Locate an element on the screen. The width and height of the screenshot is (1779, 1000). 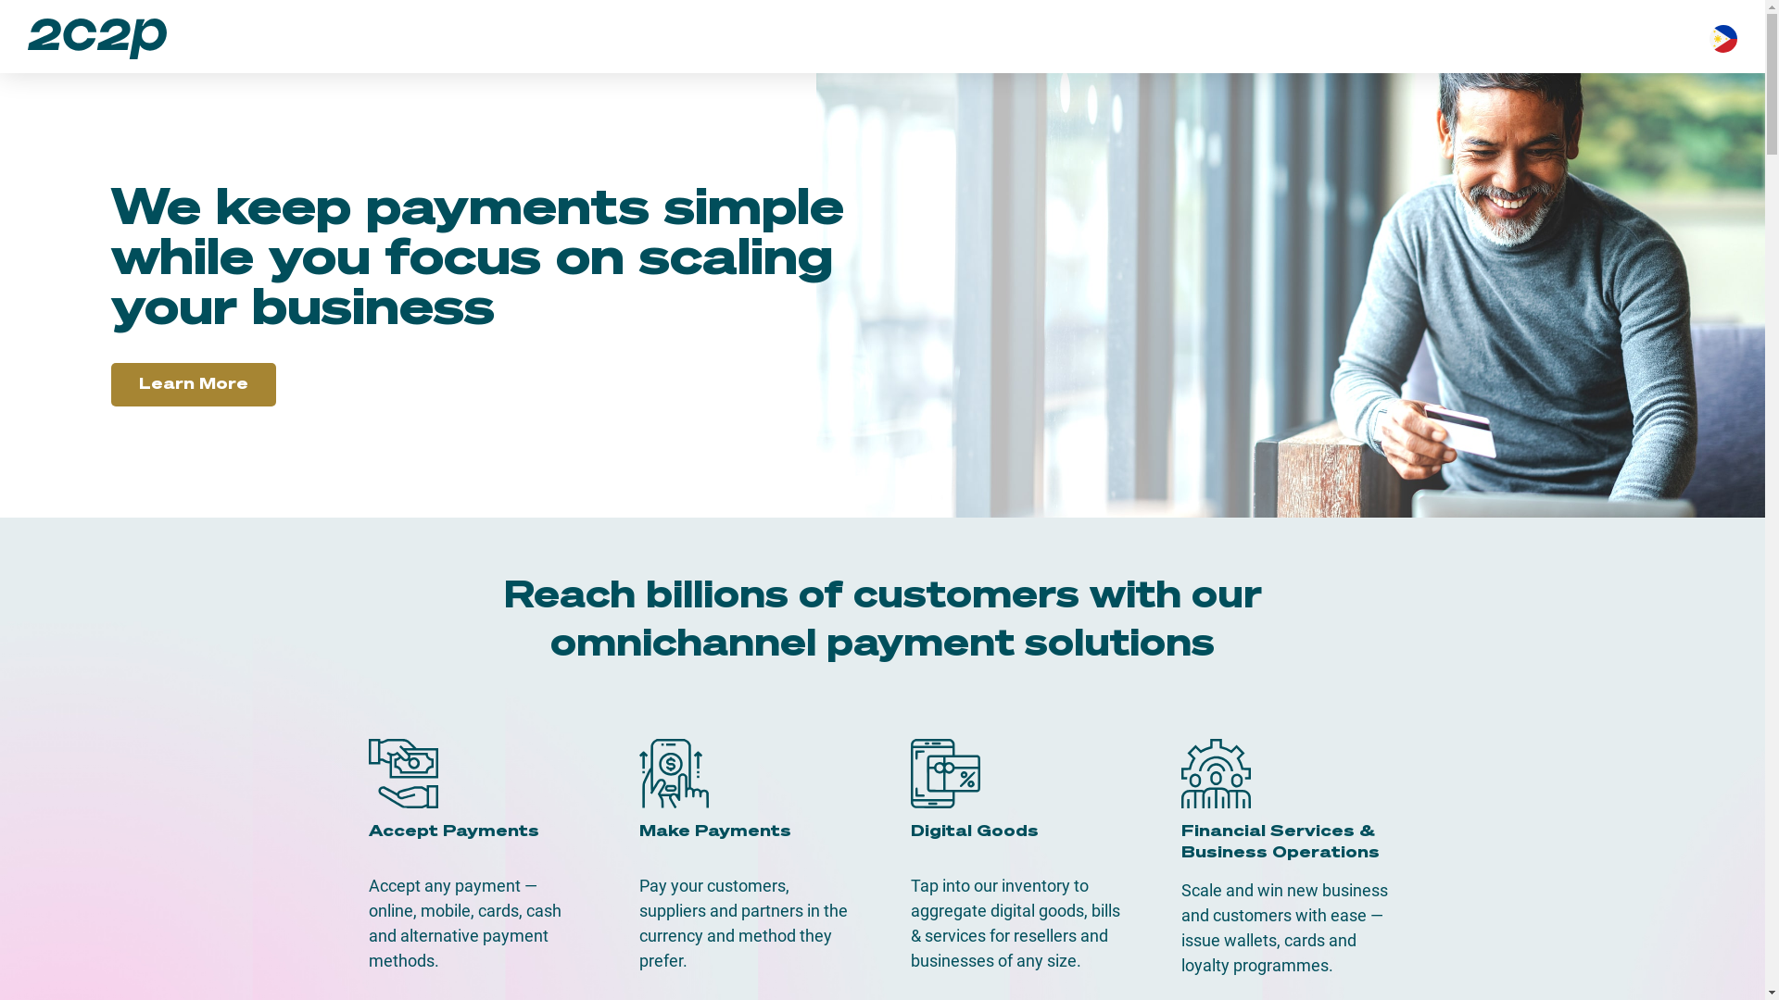
'Learn More' is located at coordinates (194, 383).